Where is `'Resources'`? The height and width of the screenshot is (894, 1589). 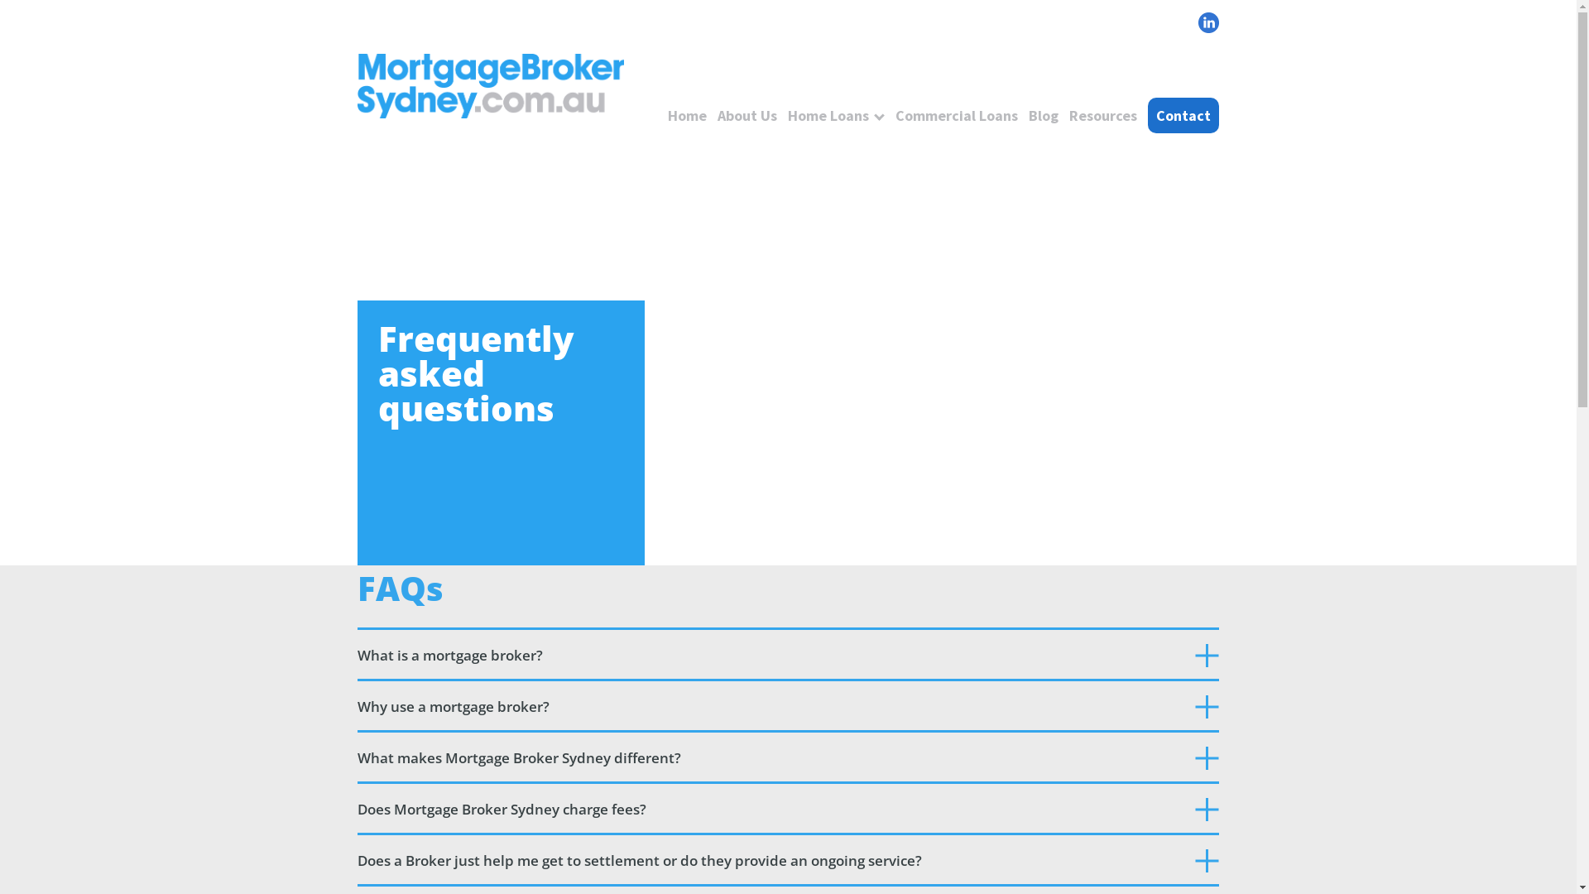 'Resources' is located at coordinates (1103, 114).